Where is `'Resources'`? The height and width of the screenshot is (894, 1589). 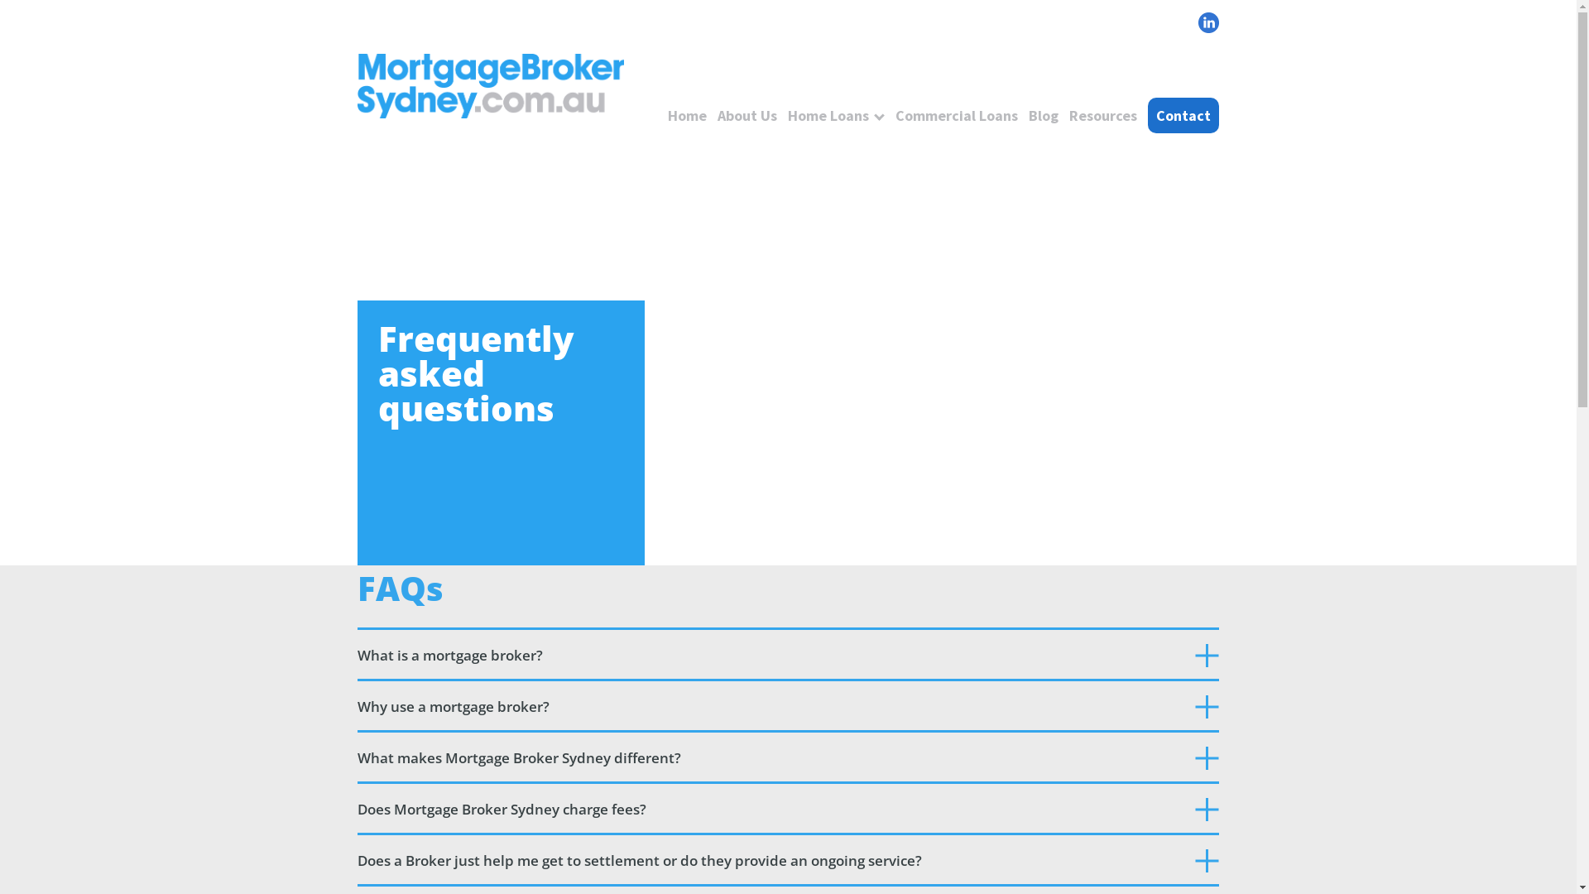 'Resources' is located at coordinates (1103, 114).